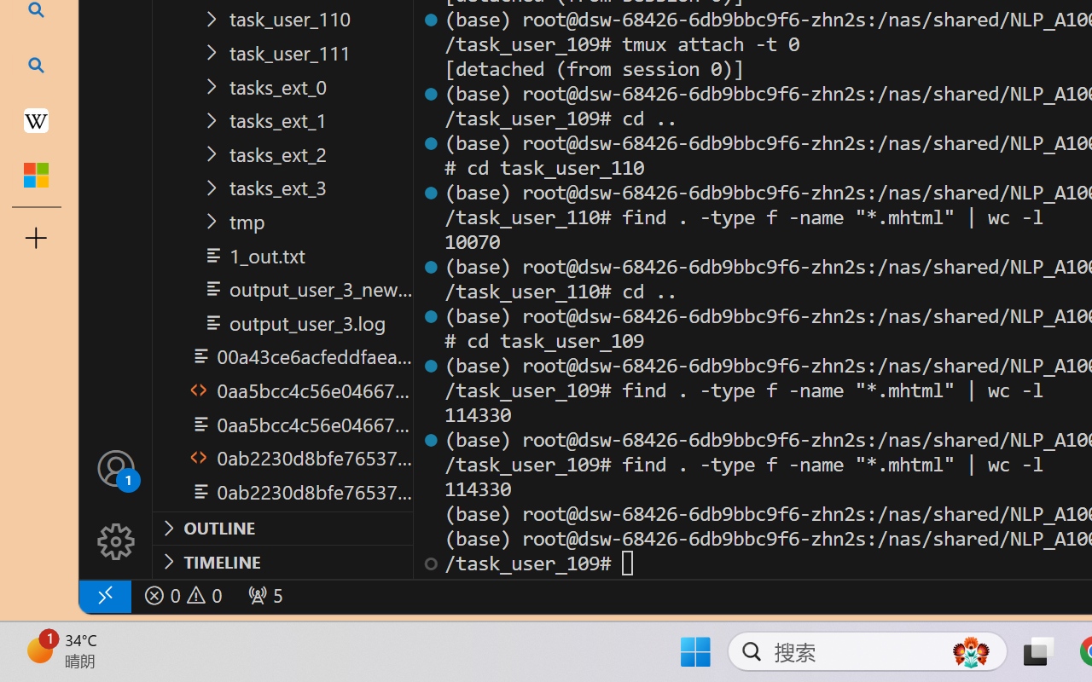 The image size is (1092, 682). What do you see at coordinates (282, 560) in the screenshot?
I see `'Timeline Section'` at bounding box center [282, 560].